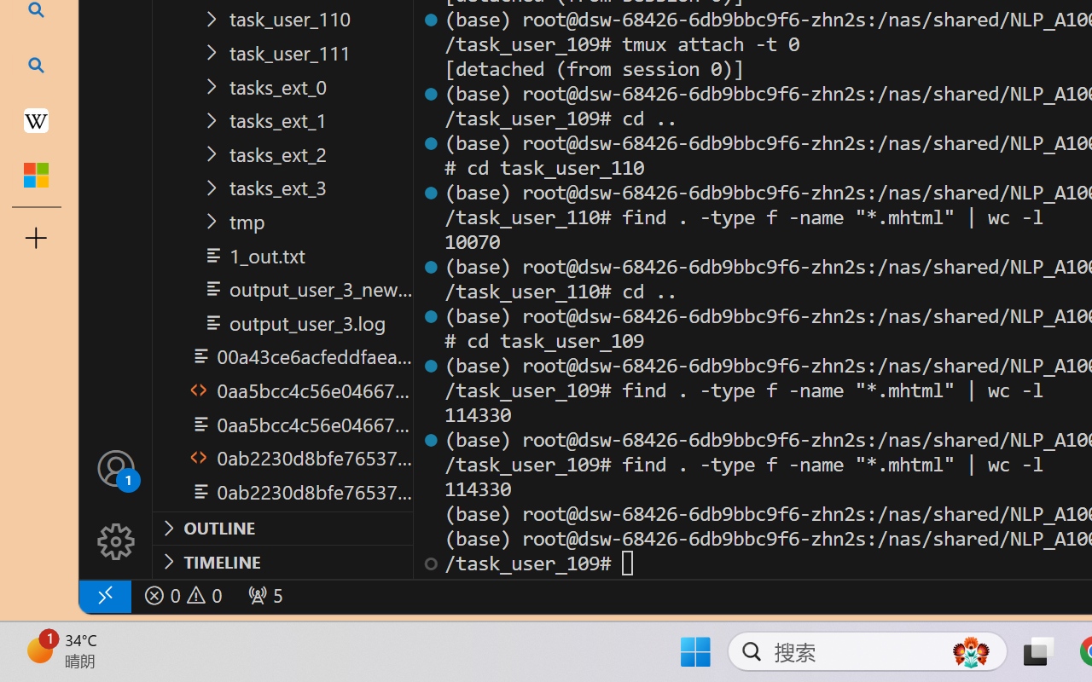 The image size is (1092, 682). What do you see at coordinates (282, 560) in the screenshot?
I see `'Timeline Section'` at bounding box center [282, 560].